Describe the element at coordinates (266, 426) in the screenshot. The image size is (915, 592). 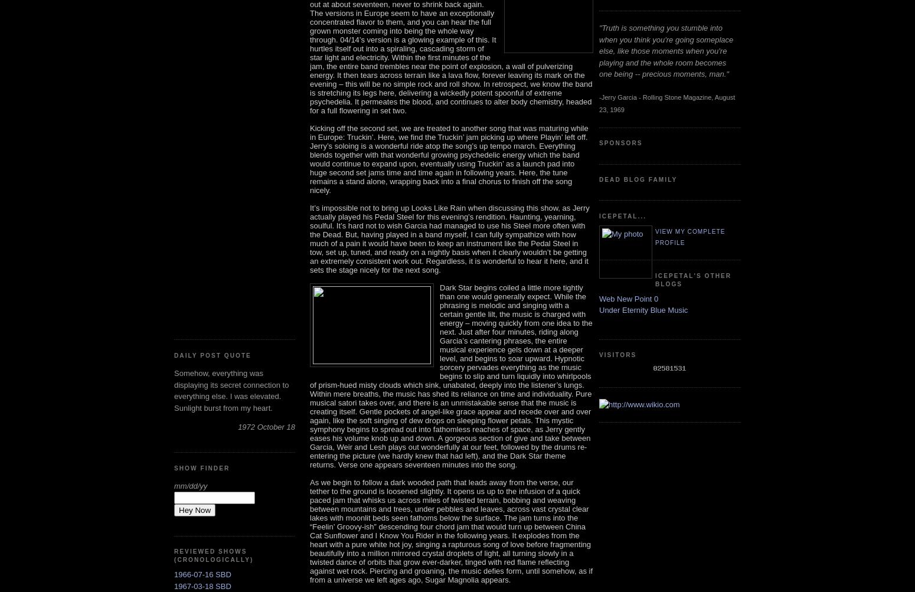
I see `'1972 October 18'` at that location.